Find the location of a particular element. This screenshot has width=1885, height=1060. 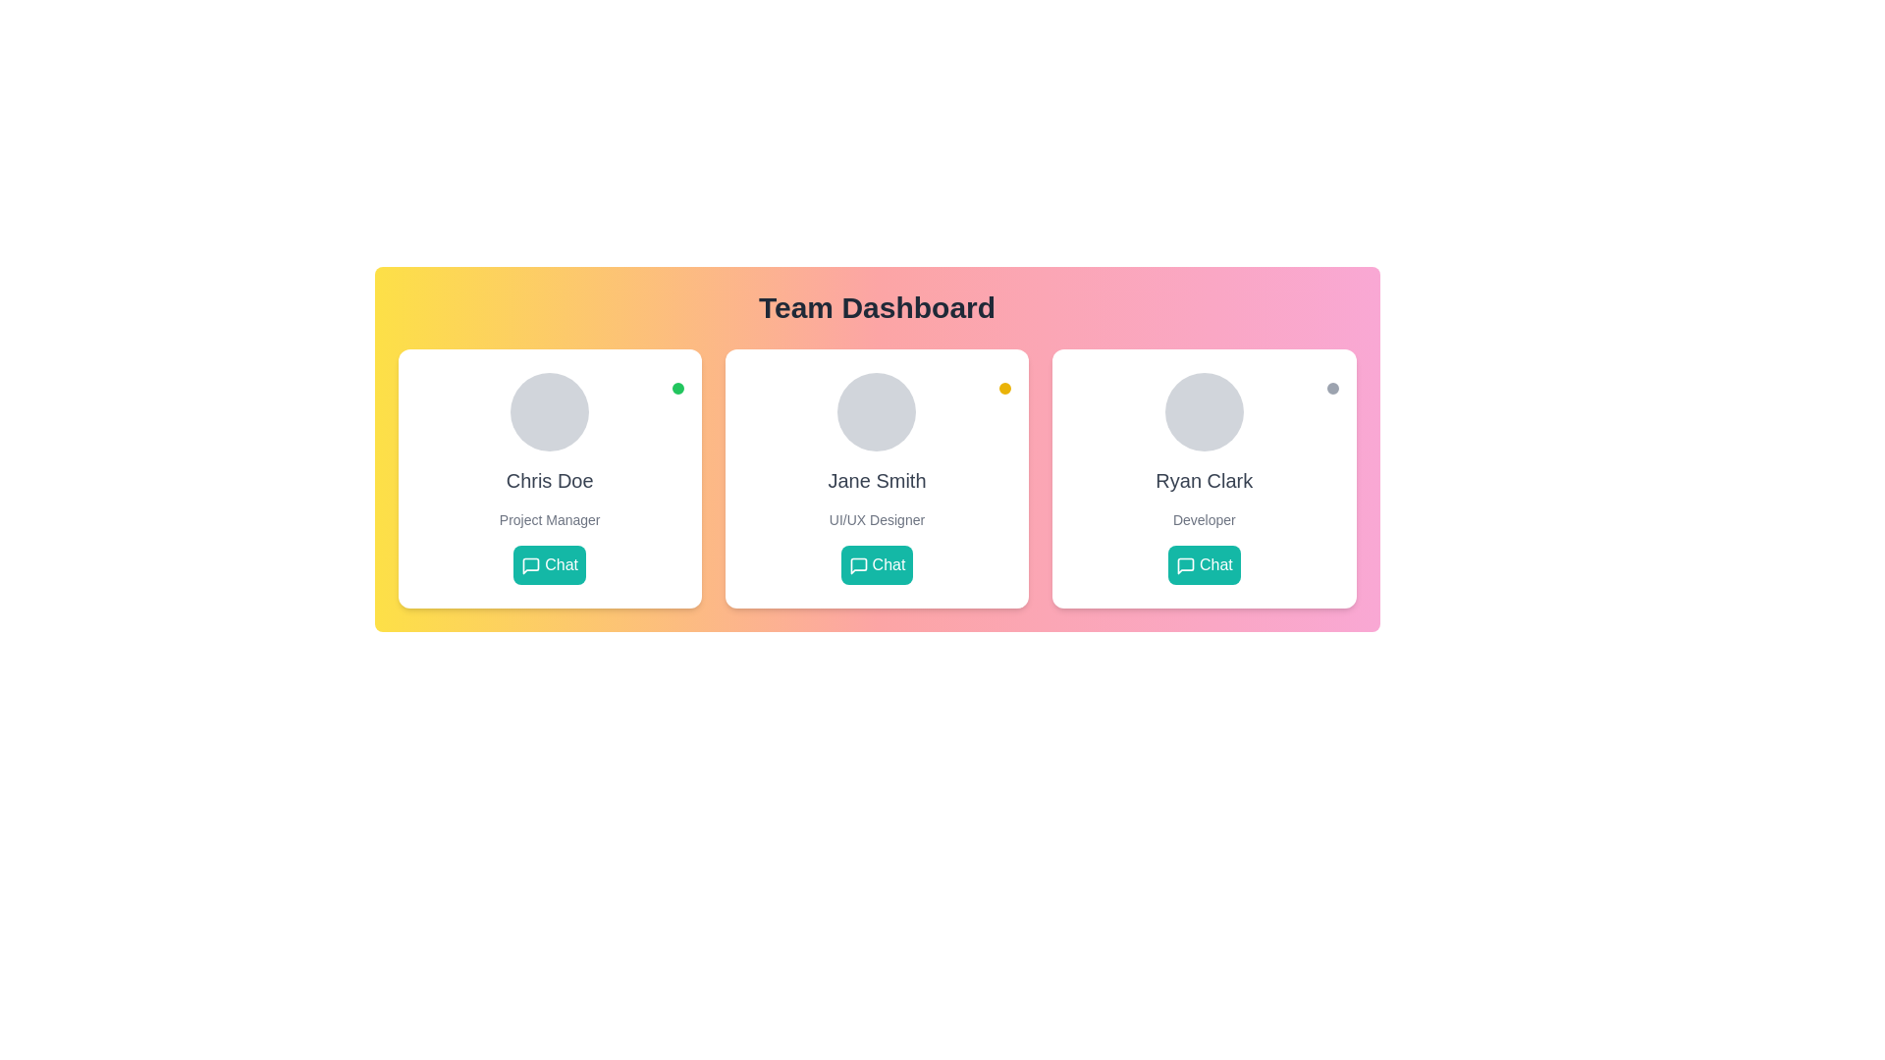

the small circular status indicator with a light gray background and white border, located at the top-right corner of the 'Ryan Clark' card, above the text 'Developer' is located at coordinates (1332, 389).